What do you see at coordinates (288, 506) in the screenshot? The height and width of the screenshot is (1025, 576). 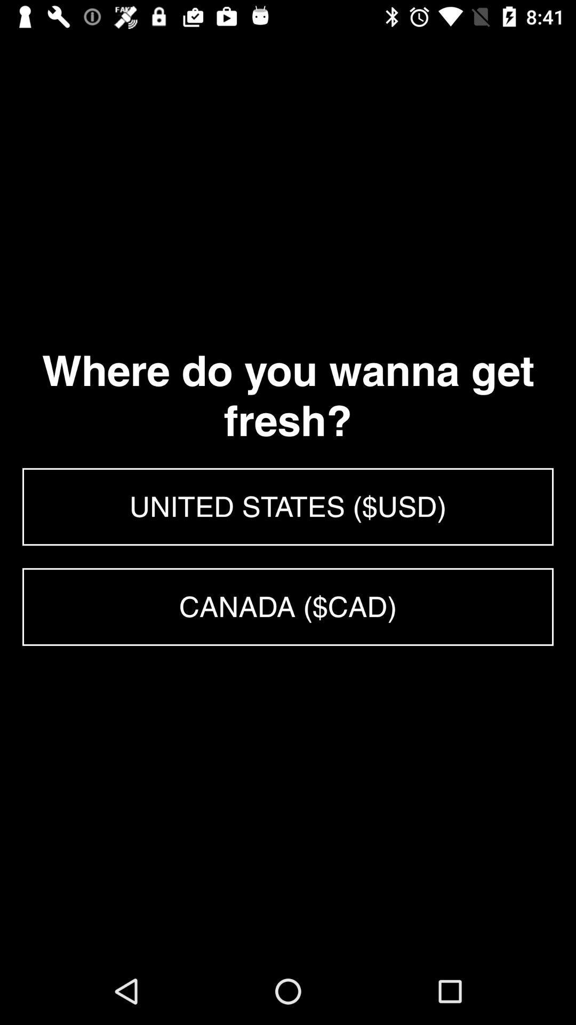 I see `icon above the canada ($cad) icon` at bounding box center [288, 506].